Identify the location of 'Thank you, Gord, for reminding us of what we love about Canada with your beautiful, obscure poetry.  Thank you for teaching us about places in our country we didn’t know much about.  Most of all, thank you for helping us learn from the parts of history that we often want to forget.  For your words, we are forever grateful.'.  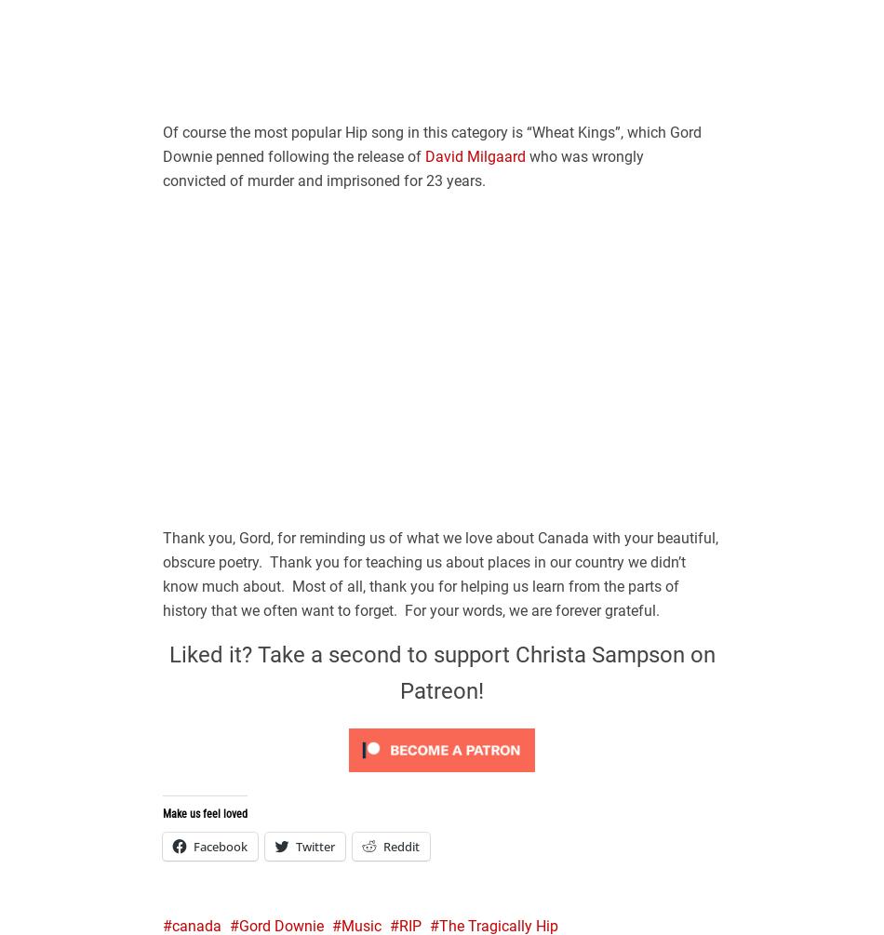
(162, 572).